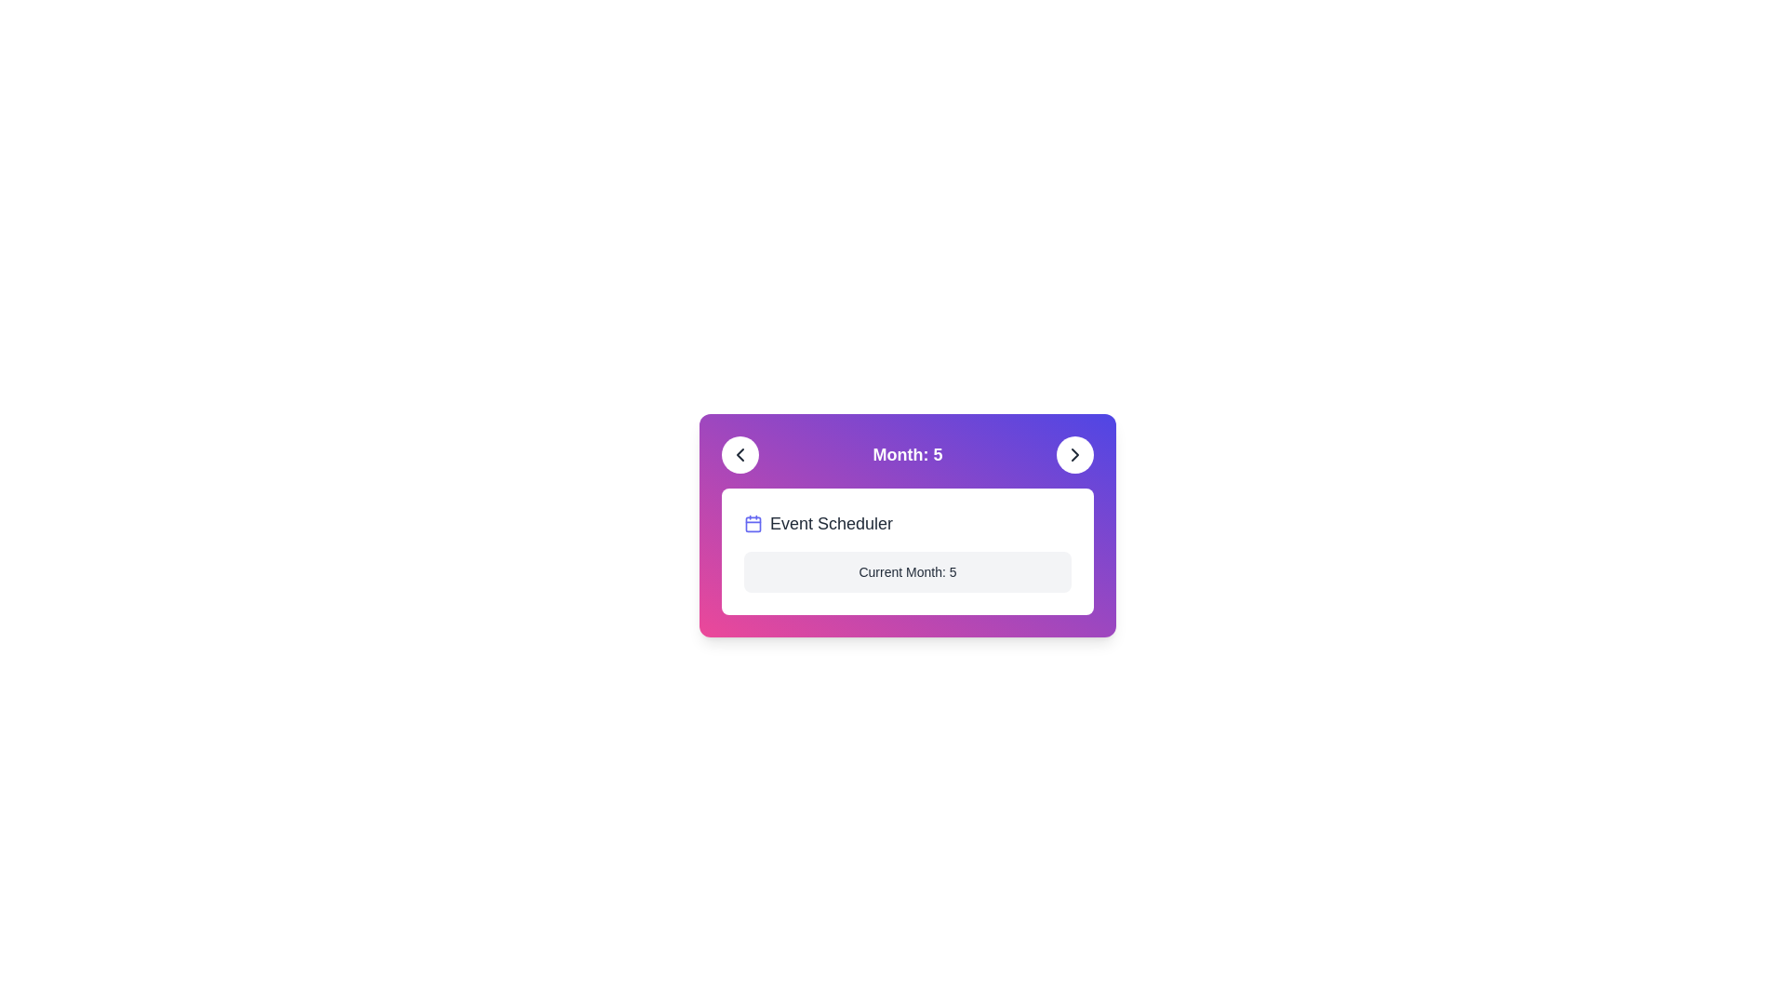 The height and width of the screenshot is (1005, 1786). I want to click on the calendar icon represented by an SVG rectangle with rounded corners, positioned to the left of the 'Event Scheduler' text, so click(753, 524).